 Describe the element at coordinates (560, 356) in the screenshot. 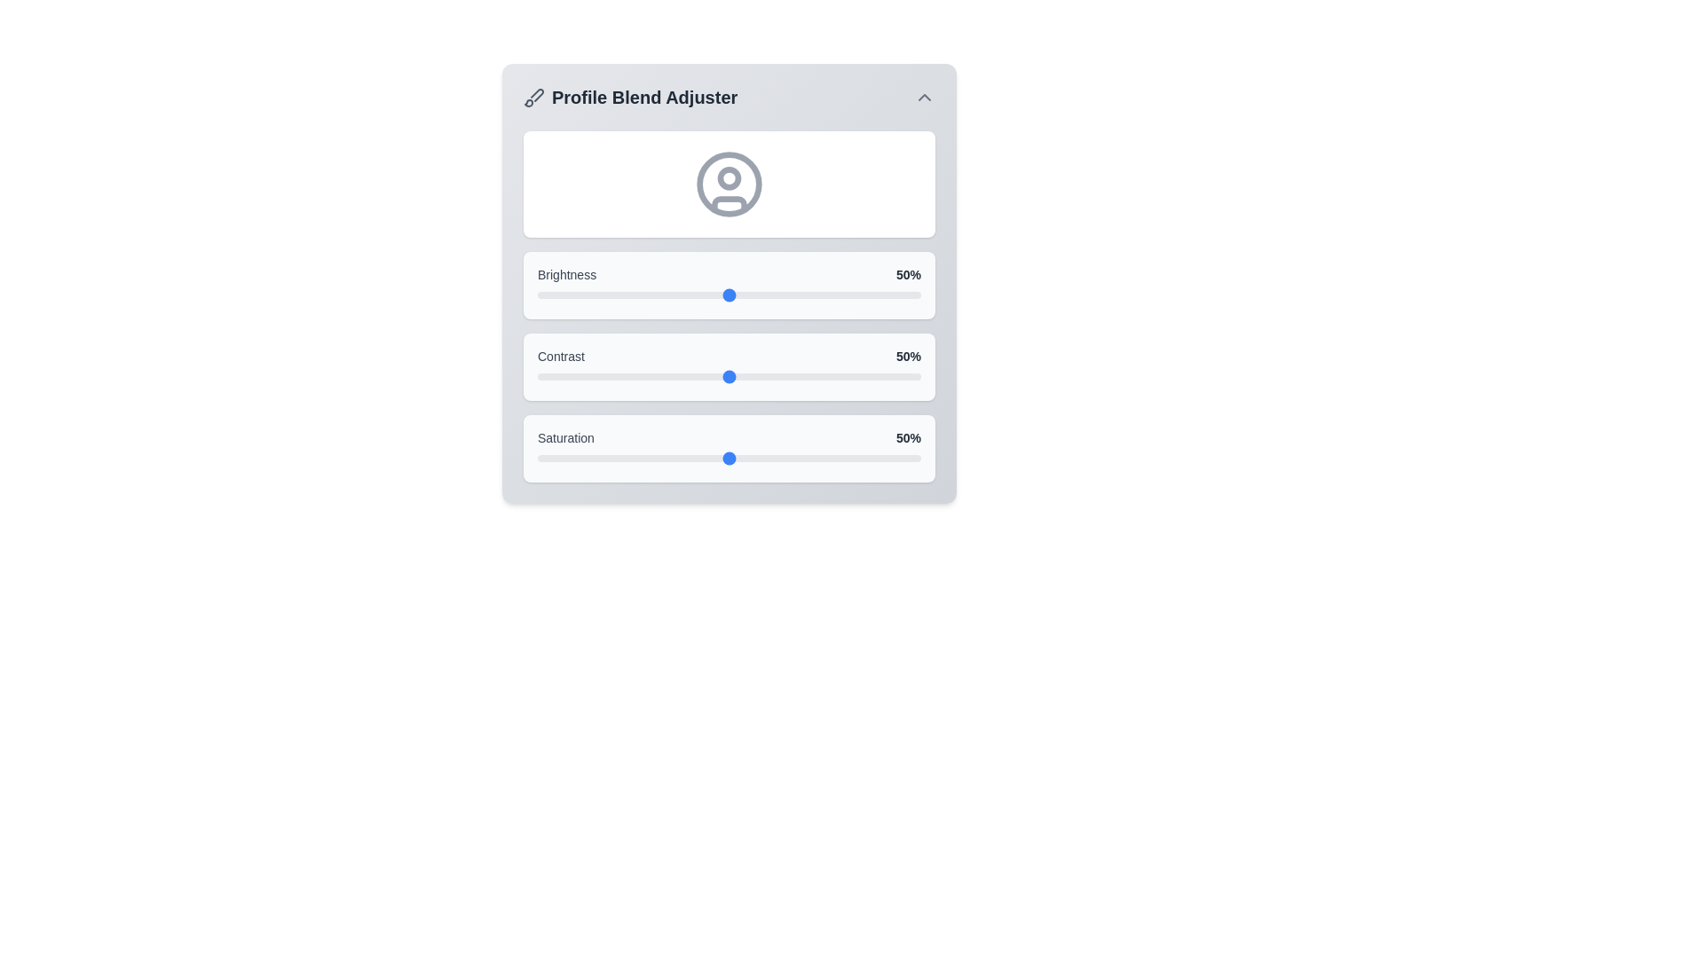

I see `the 'Contrast' label in the control panel, which is a single word in small, gray font, located in the middle section of the panel on the second row` at that location.